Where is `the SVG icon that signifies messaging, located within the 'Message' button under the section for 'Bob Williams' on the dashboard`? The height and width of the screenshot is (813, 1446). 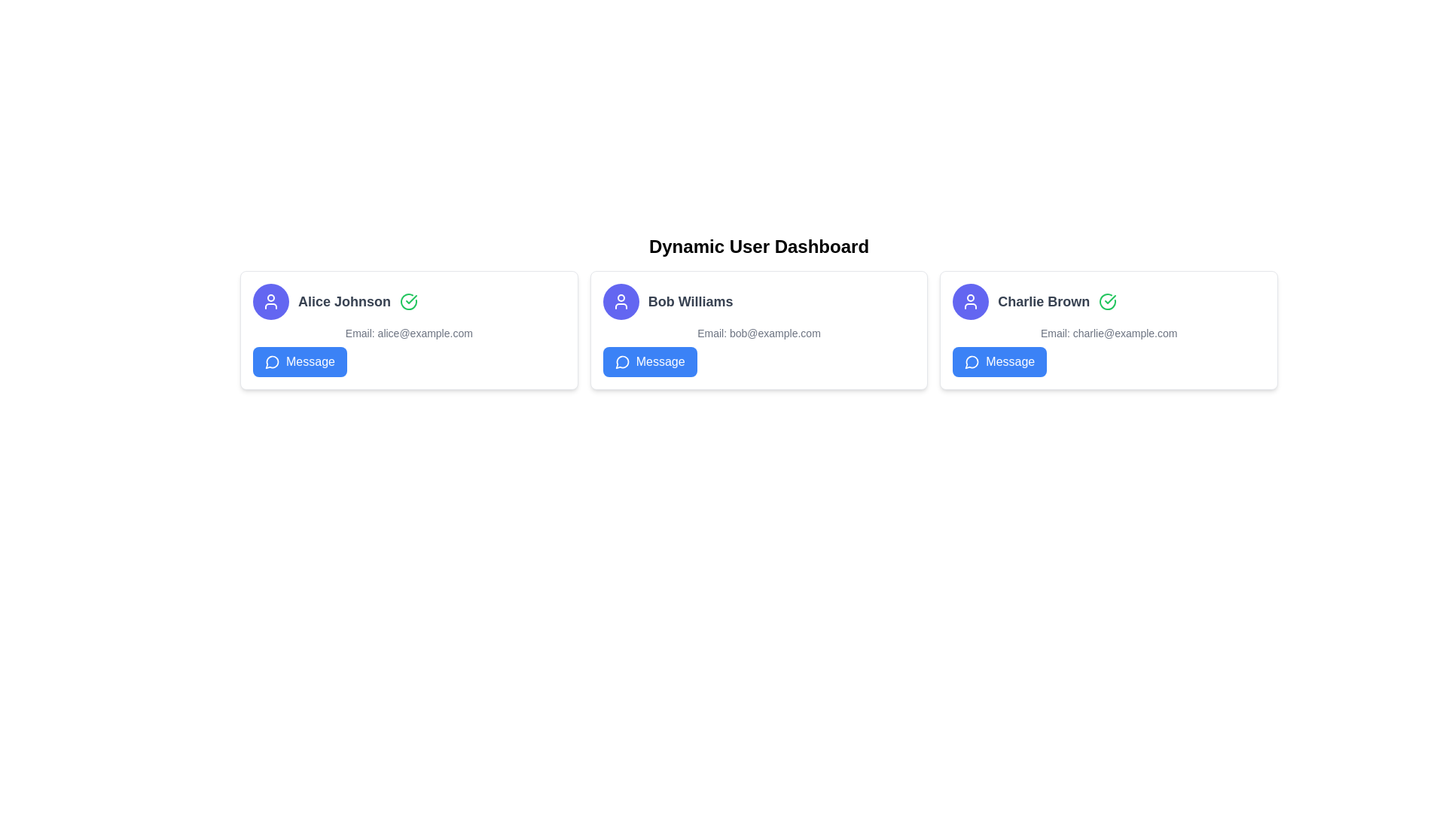 the SVG icon that signifies messaging, located within the 'Message' button under the section for 'Bob Williams' on the dashboard is located at coordinates (622, 362).